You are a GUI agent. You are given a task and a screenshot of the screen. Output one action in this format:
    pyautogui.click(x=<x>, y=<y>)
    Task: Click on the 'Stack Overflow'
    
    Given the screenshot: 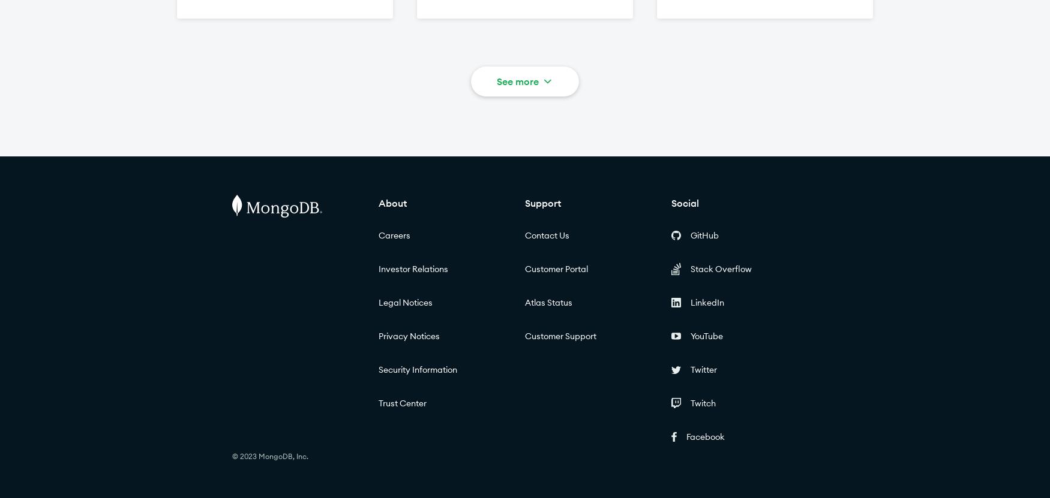 What is the action you would take?
    pyautogui.click(x=721, y=268)
    